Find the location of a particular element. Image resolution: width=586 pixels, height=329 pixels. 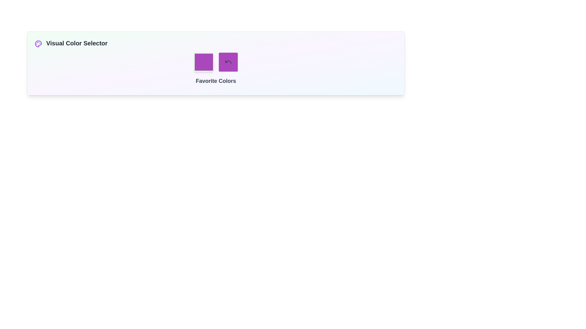

the reset button located to the right of the purple square and above the 'Favorite Colors' text to reset the color selection is located at coordinates (216, 62).